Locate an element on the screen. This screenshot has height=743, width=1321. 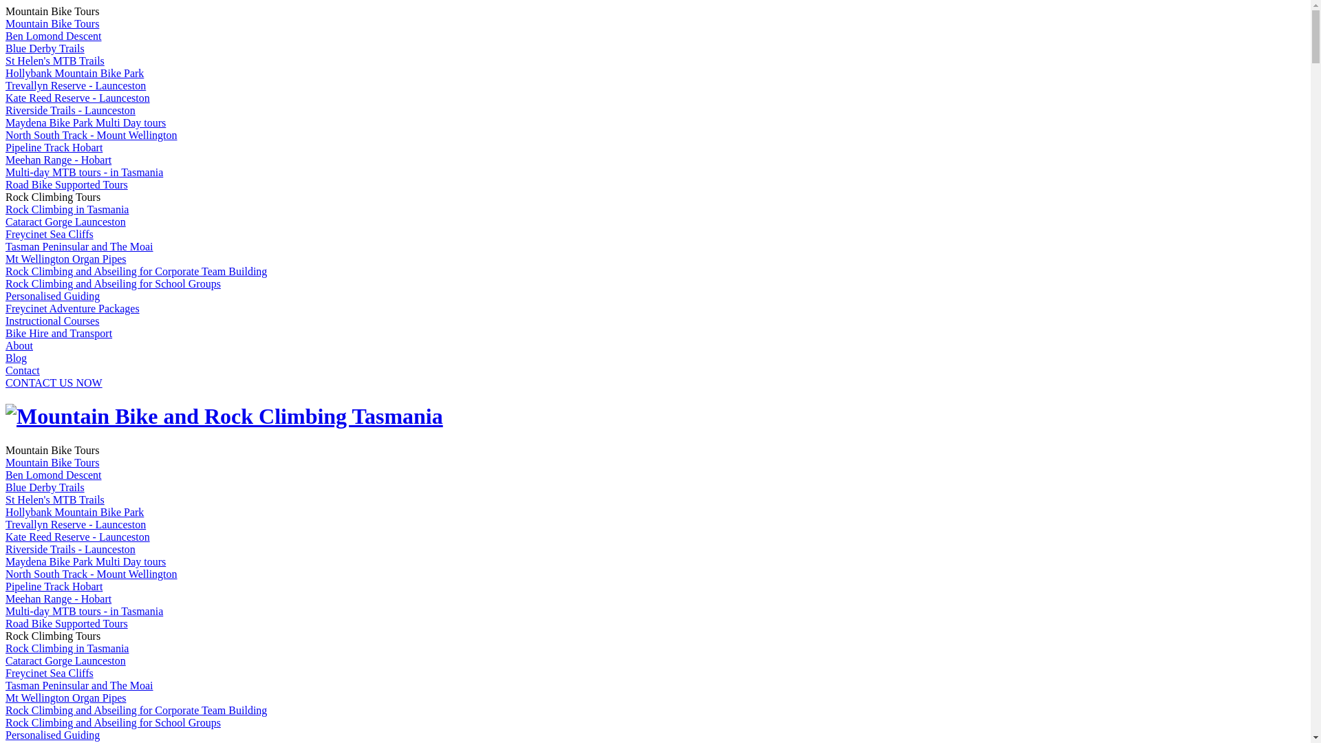
'Kate Reed Reserve - Launceston' is located at coordinates (77, 536).